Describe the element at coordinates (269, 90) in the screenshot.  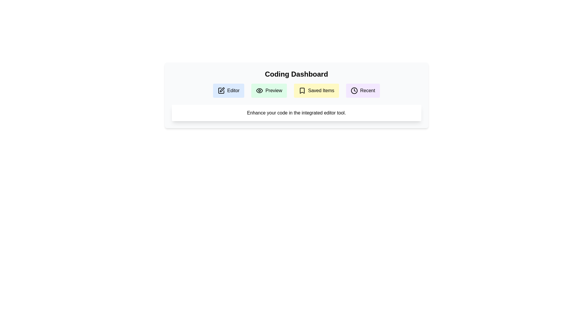
I see `the second button in the horizontal list below the 'Coding Dashboard' header` at that location.